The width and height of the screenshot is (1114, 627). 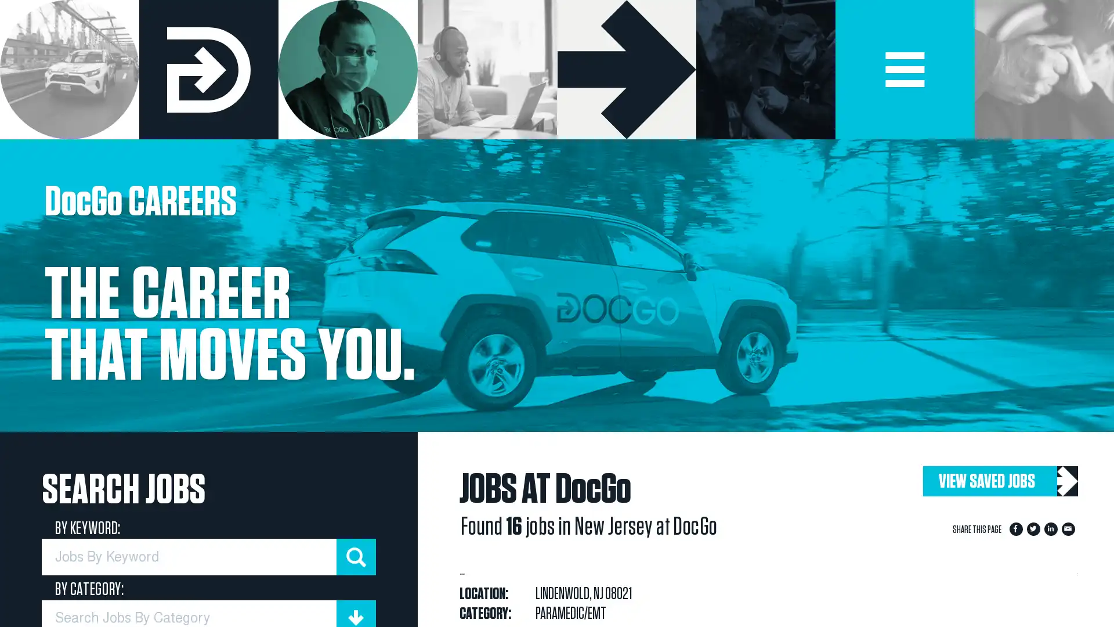 I want to click on Share to Email App, so click(x=1069, y=528).